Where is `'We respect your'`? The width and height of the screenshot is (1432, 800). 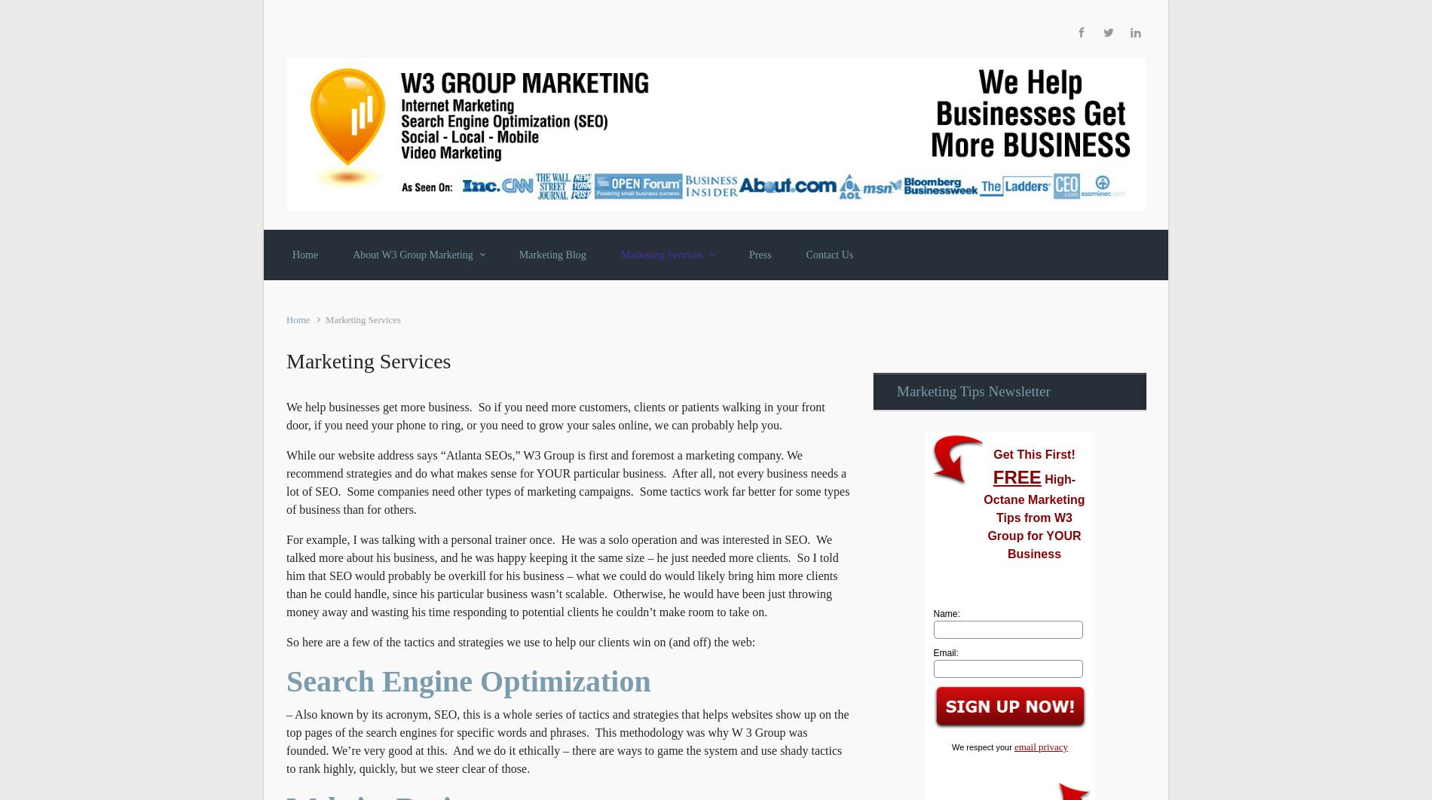
'We respect your' is located at coordinates (981, 747).